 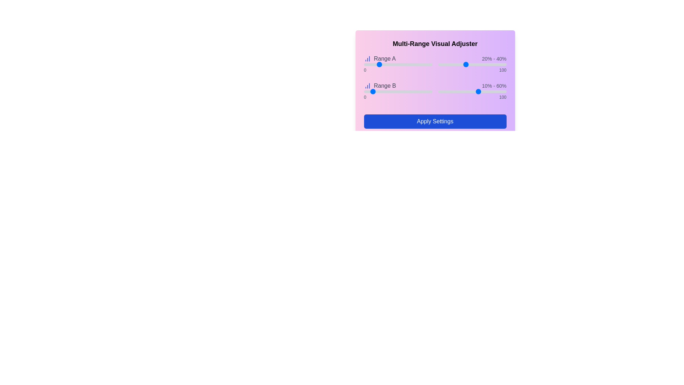 What do you see at coordinates (467, 91) in the screenshot?
I see `the Range B slider` at bounding box center [467, 91].